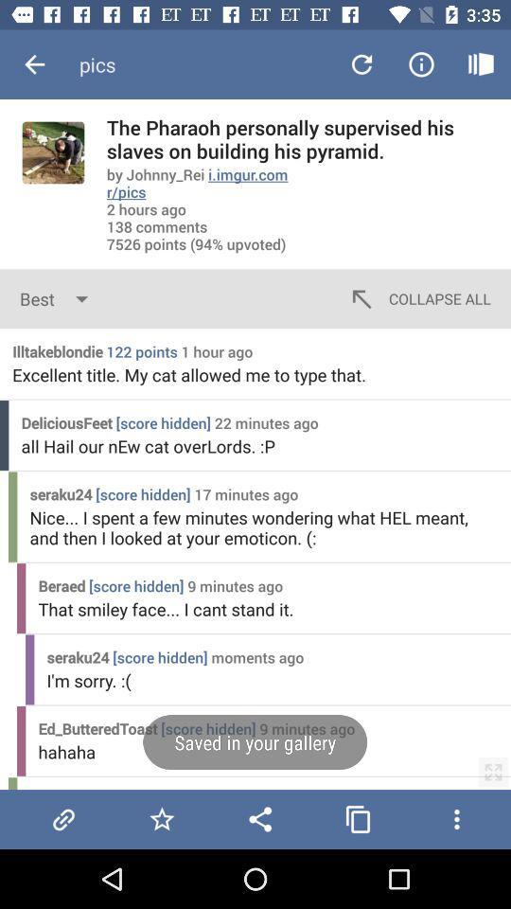 This screenshot has width=511, height=909. Describe the element at coordinates (259, 818) in the screenshot. I see `open sharing options` at that location.